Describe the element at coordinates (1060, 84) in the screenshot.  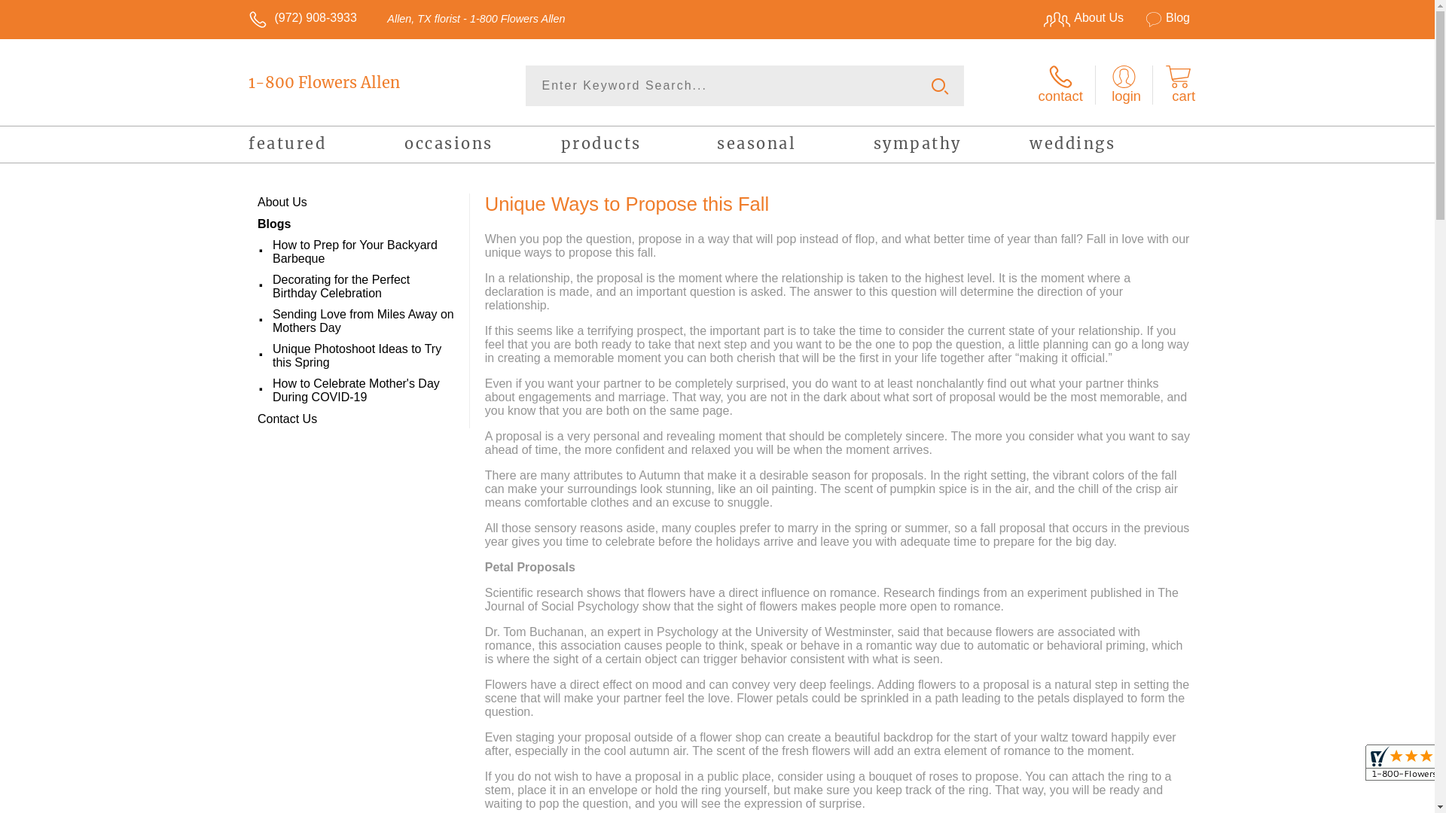
I see `'contact'` at that location.